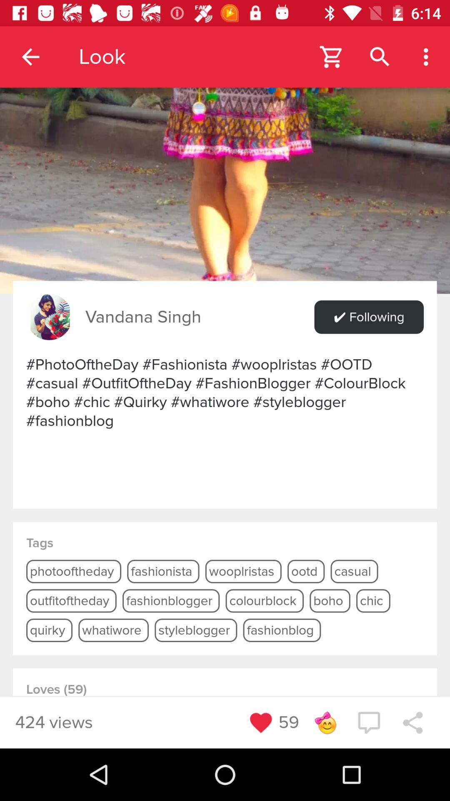 This screenshot has height=801, width=450. I want to click on cart, so click(331, 56).